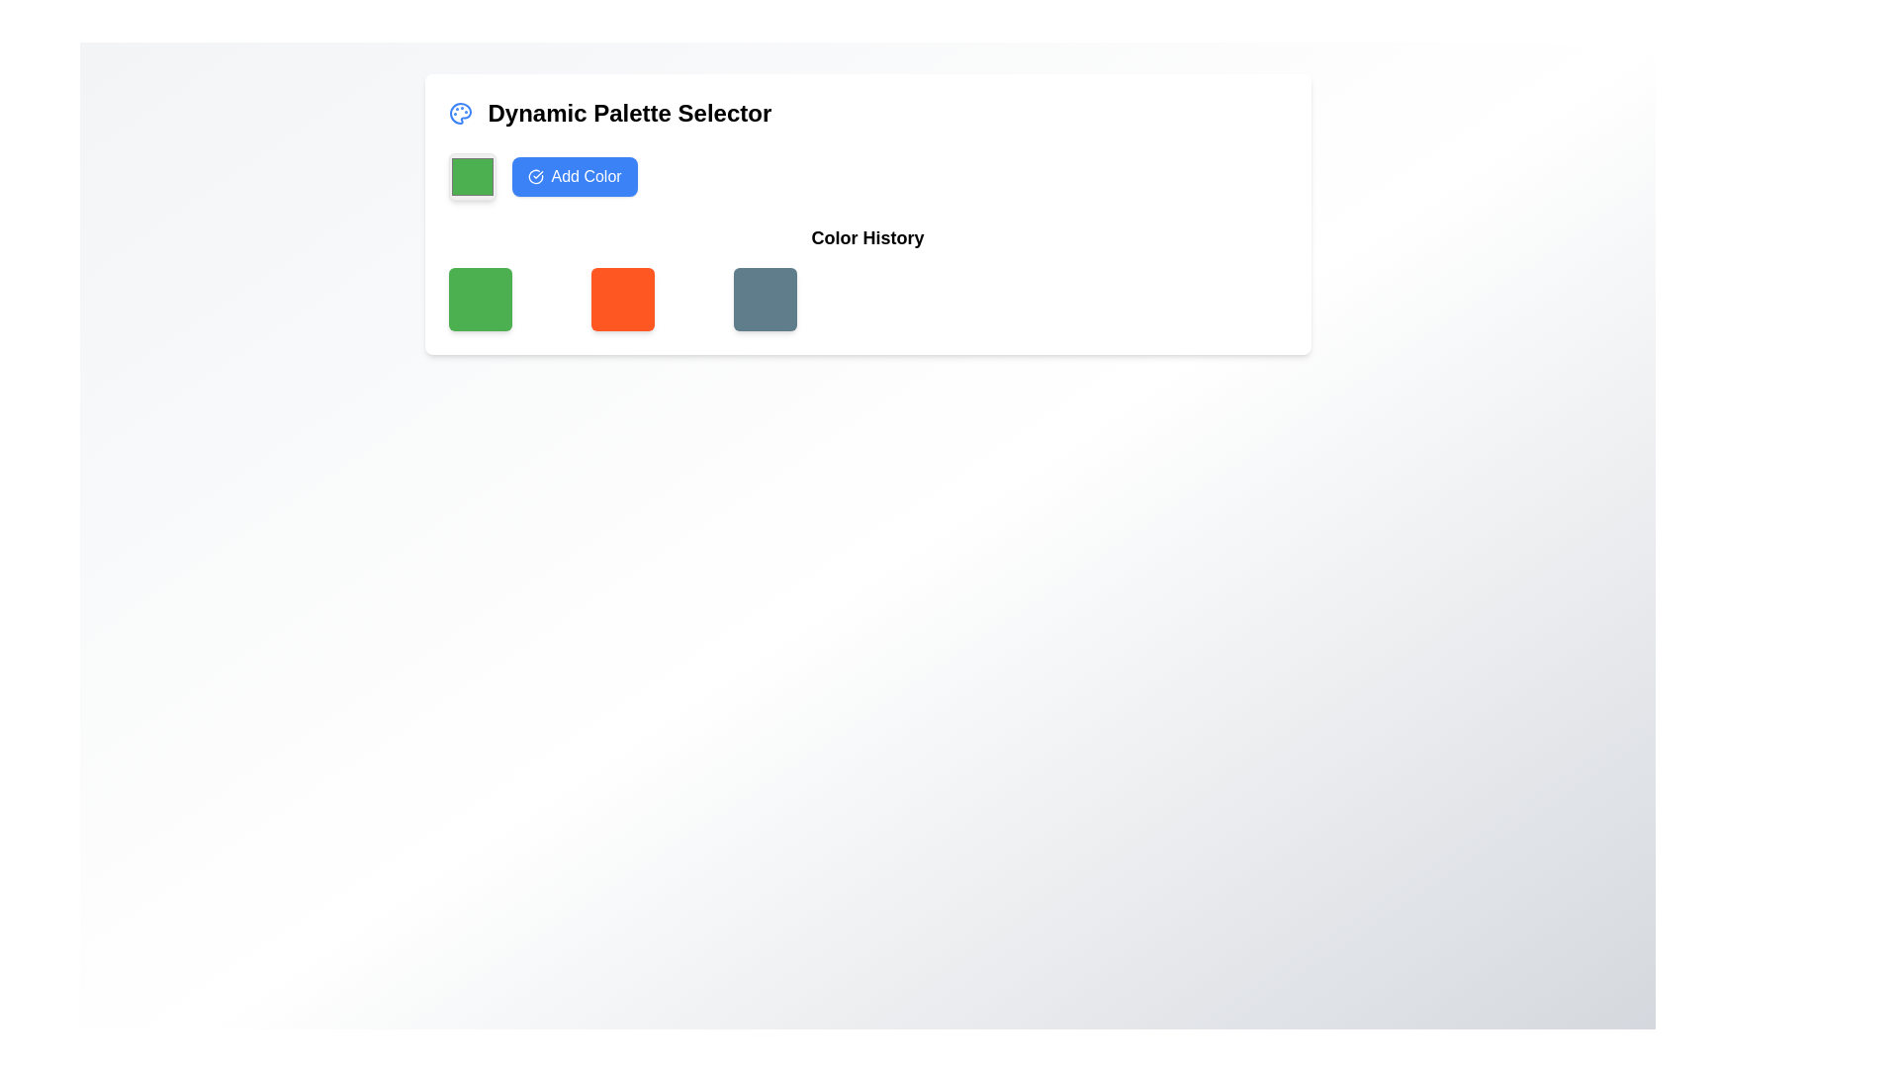 The image size is (1899, 1068). I want to click on the confirmation icon for adding a color, located within the 'Add Color' button at the top-left of the interface, so click(535, 175).